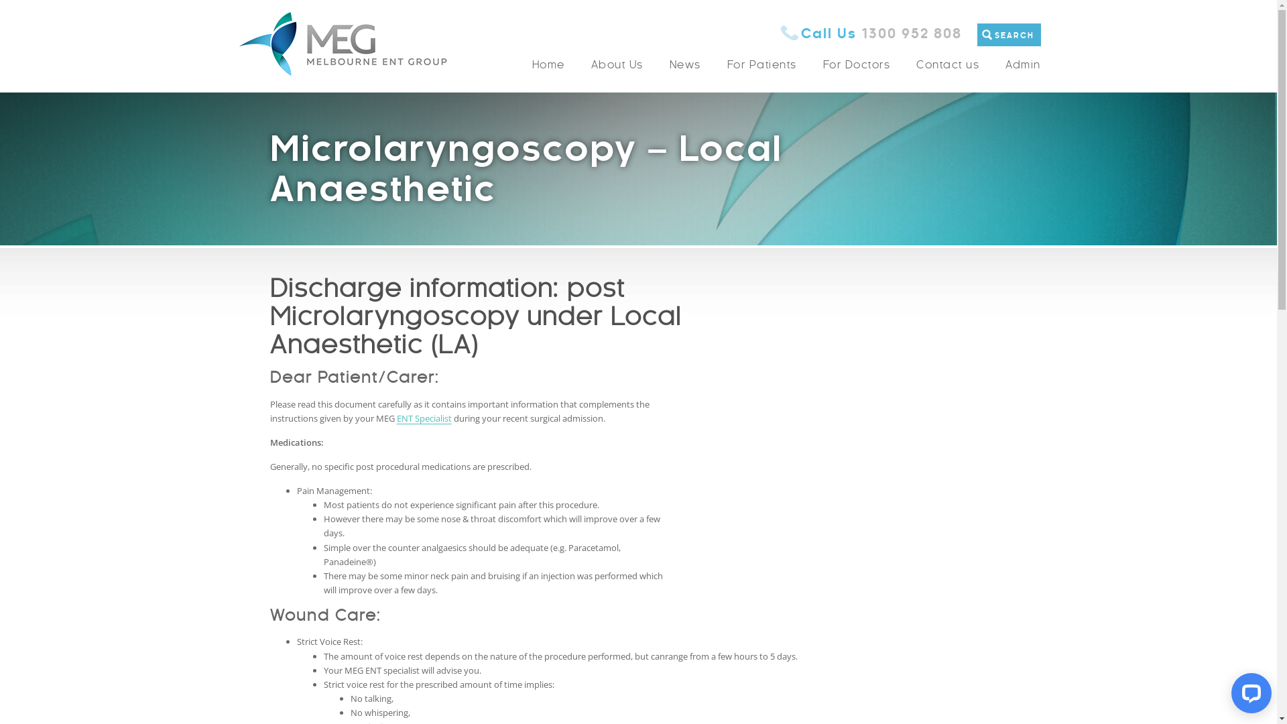  Describe the element at coordinates (548, 65) in the screenshot. I see `'Home'` at that location.